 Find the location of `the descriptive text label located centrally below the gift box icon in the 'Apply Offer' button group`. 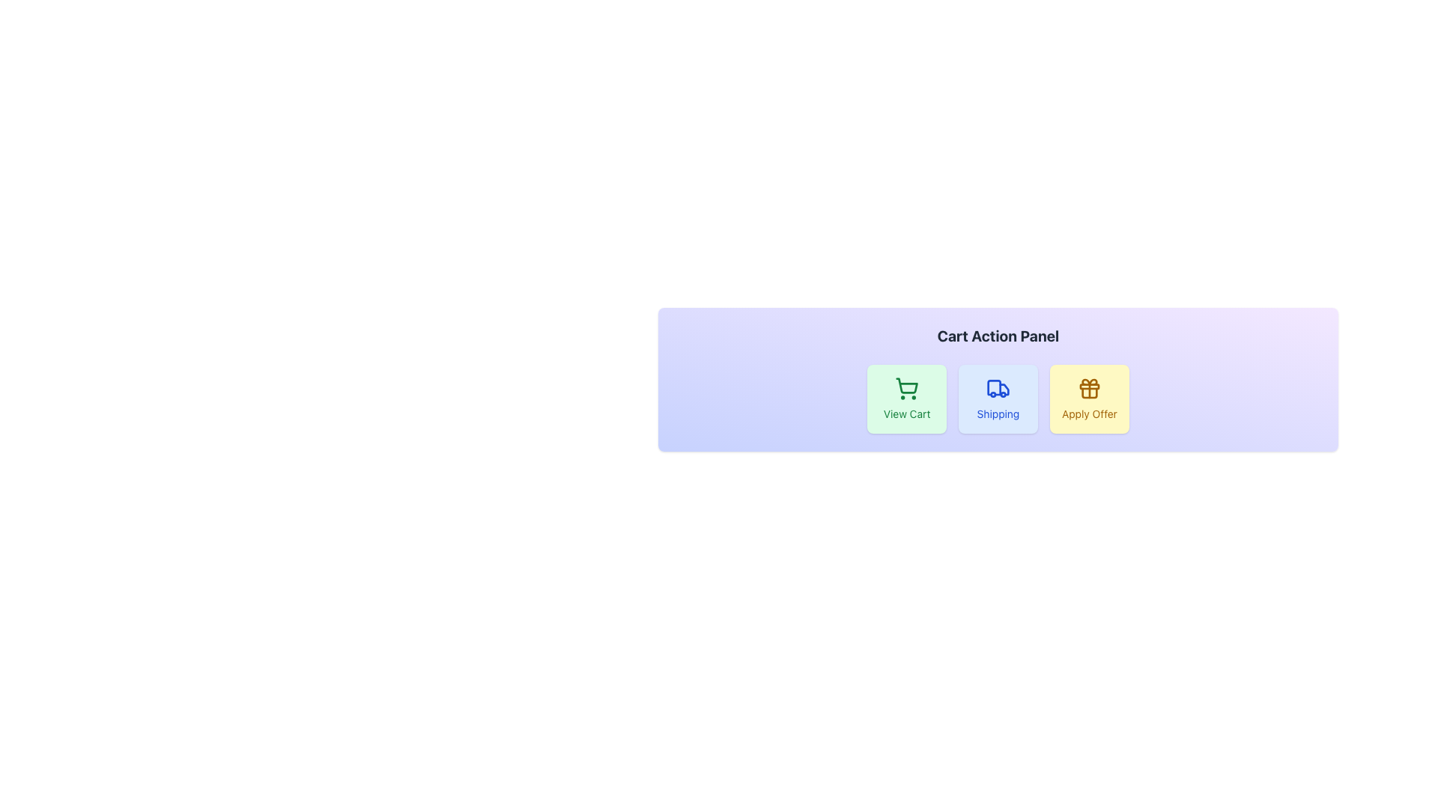

the descriptive text label located centrally below the gift box icon in the 'Apply Offer' button group is located at coordinates (1089, 413).